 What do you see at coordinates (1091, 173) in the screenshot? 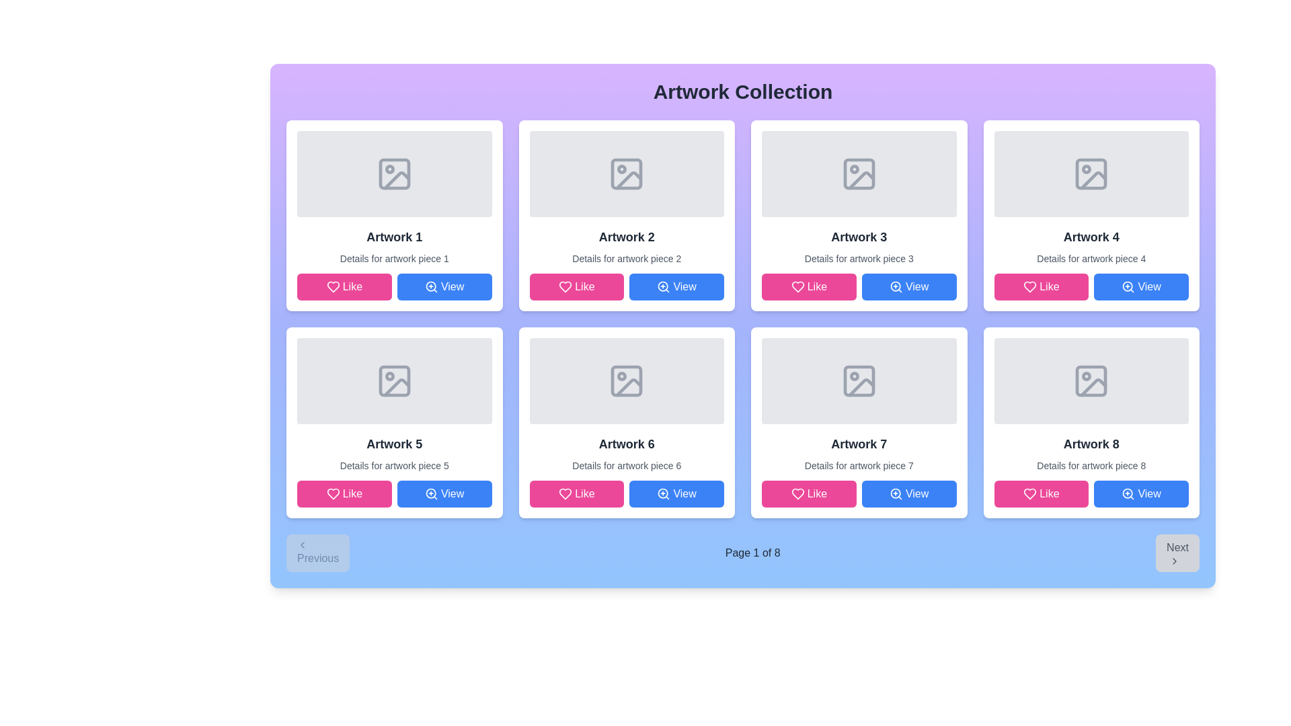
I see `the decorative rectangle located in the upper-left section of the 'Artwork 4' card's image placeholder icon` at bounding box center [1091, 173].